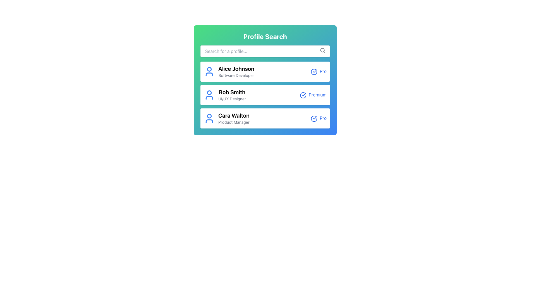 The width and height of the screenshot is (536, 301). Describe the element at coordinates (313, 94) in the screenshot. I see `the text label reading 'Premium' styled in blue font, located on the rightmost side of the card for 'Bob Smith.'` at that location.